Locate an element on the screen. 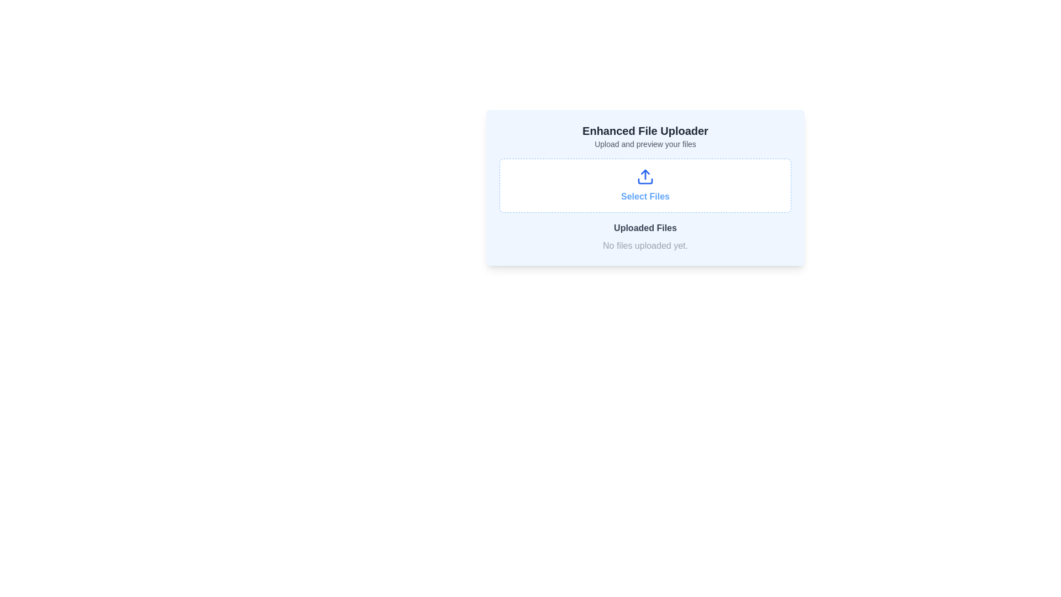  the static text label indicating file selection, which is centrally placed beneath the upload icon and above the uploaded files area is located at coordinates (645, 196).